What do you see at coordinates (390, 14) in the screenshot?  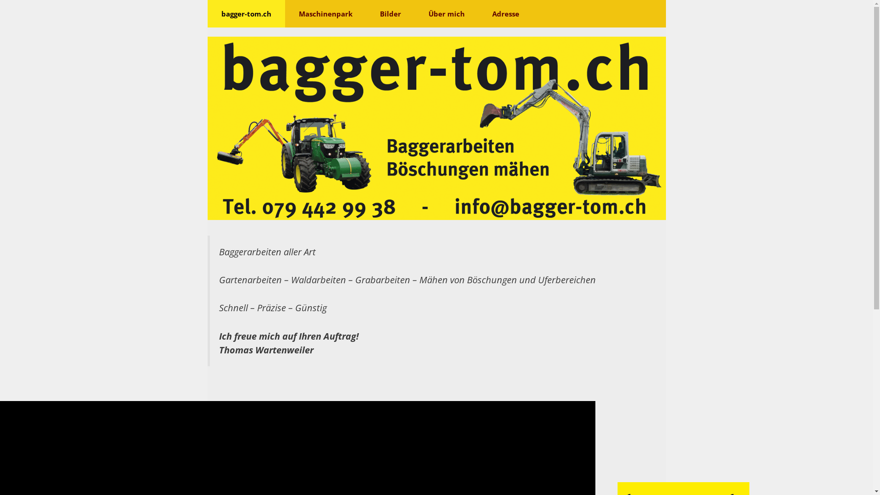 I see `'Bilder'` at bounding box center [390, 14].